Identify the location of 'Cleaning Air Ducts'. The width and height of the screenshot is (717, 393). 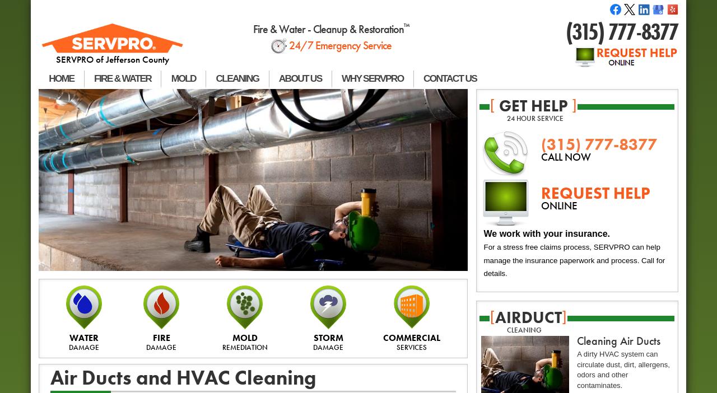
(618, 340).